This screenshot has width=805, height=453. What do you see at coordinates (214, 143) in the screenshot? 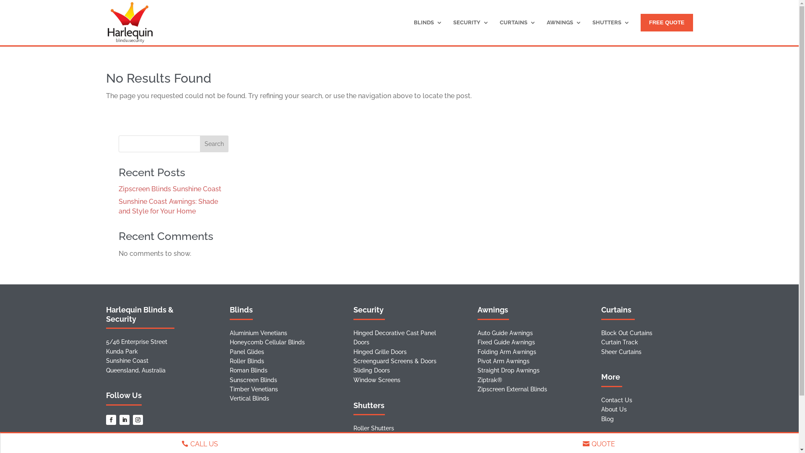
I see `'Search'` at bounding box center [214, 143].